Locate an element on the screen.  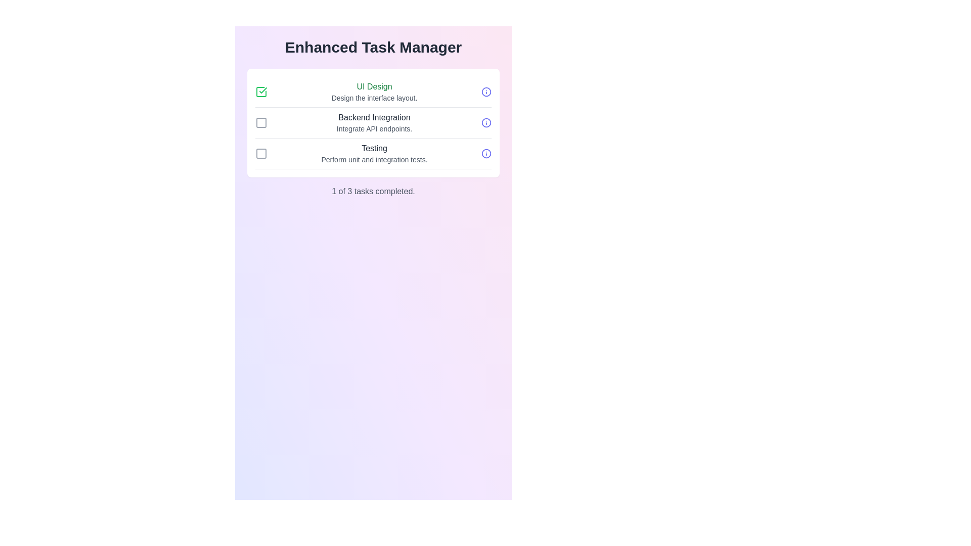
the information icon for the task named 'UI Design' to view its details is located at coordinates (486, 92).